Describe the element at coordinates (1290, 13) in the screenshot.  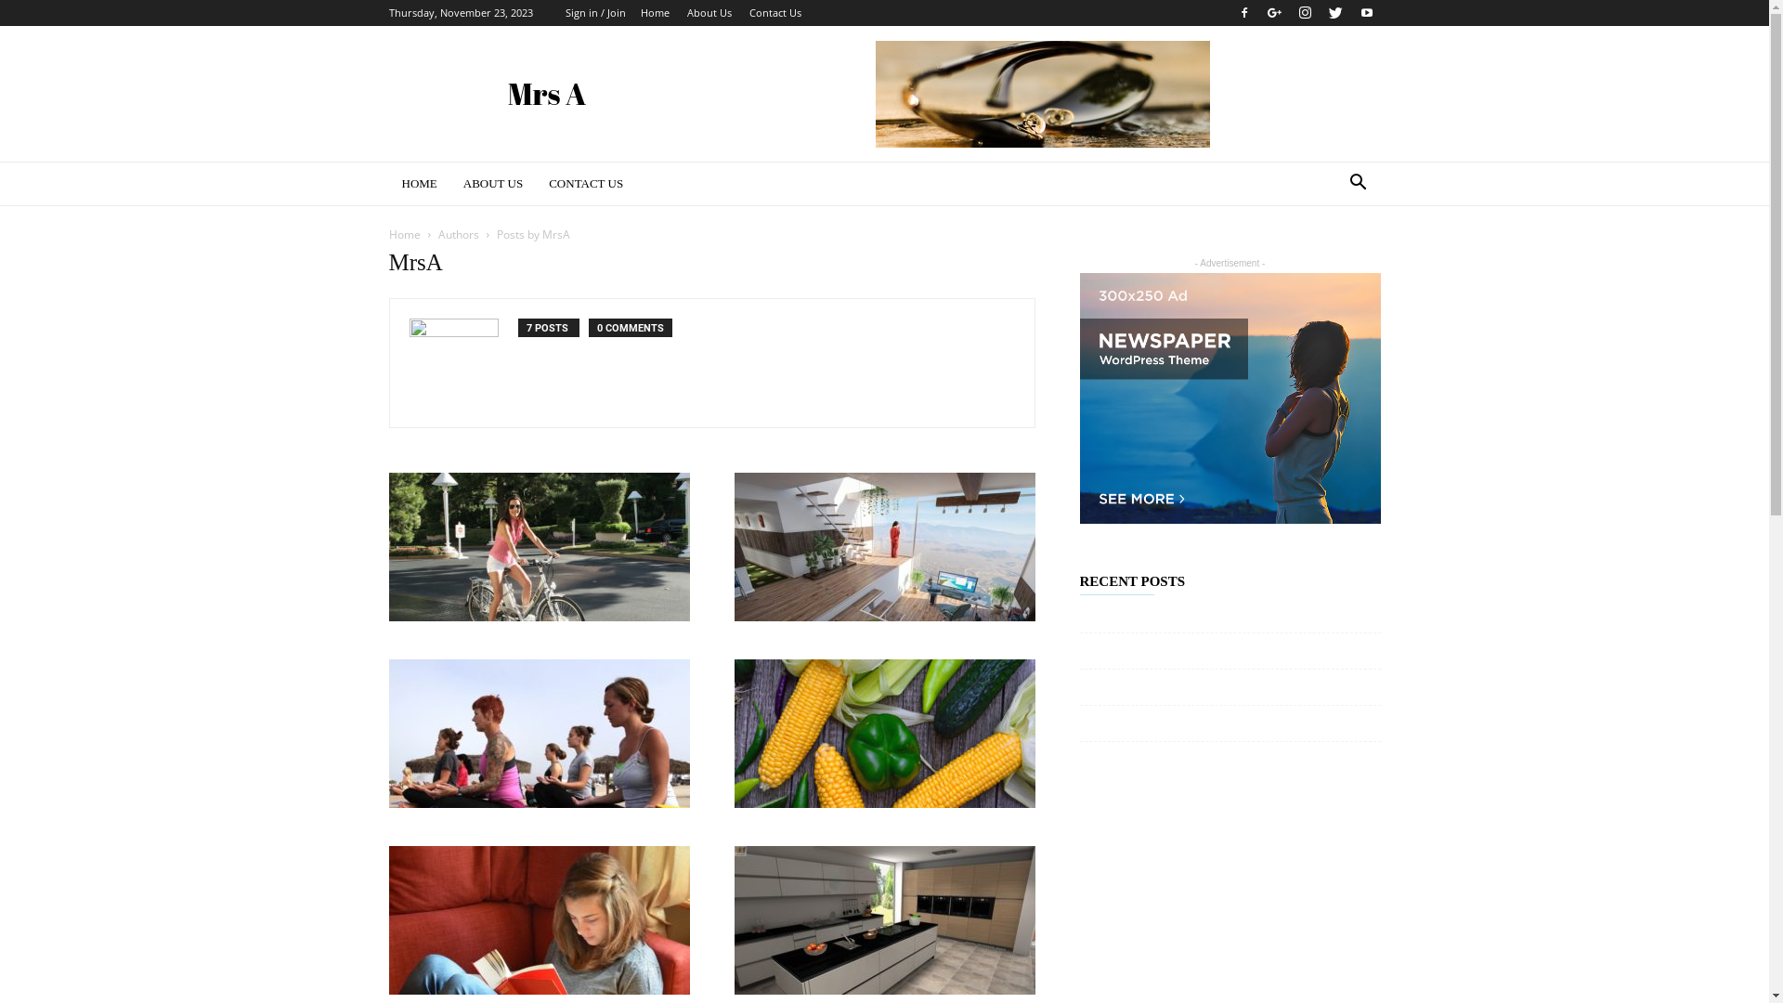
I see `'Instagram'` at that location.